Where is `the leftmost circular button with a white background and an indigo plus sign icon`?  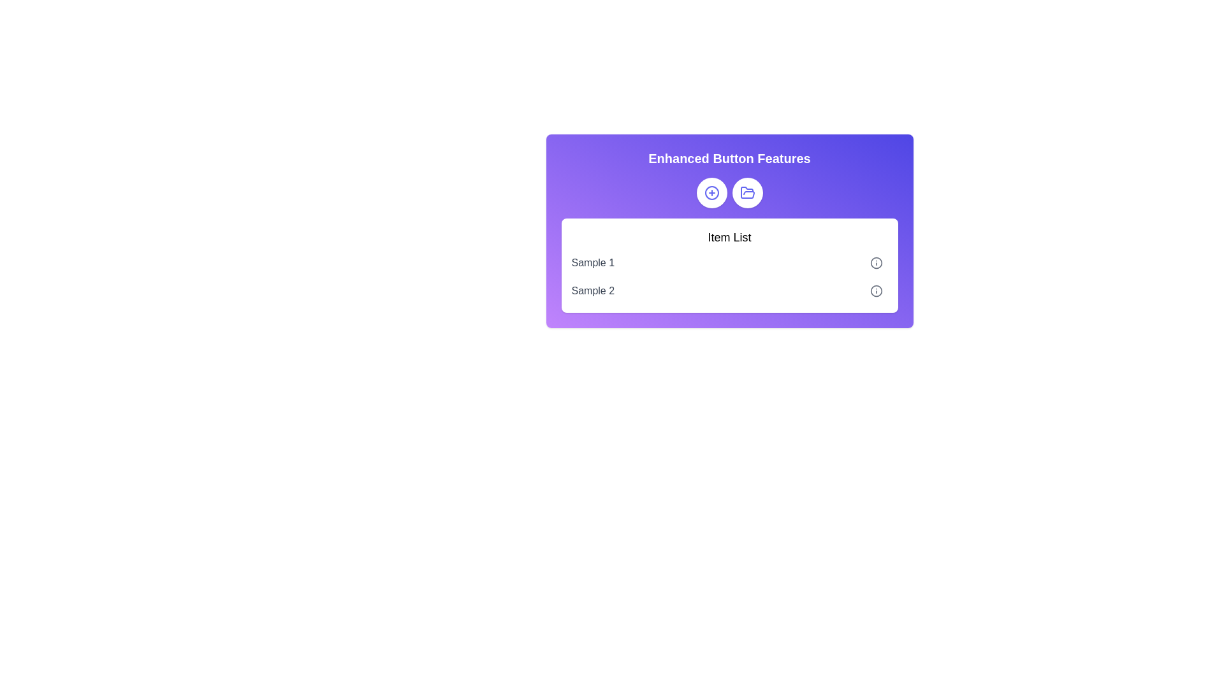 the leftmost circular button with a white background and an indigo plus sign icon is located at coordinates (711, 193).